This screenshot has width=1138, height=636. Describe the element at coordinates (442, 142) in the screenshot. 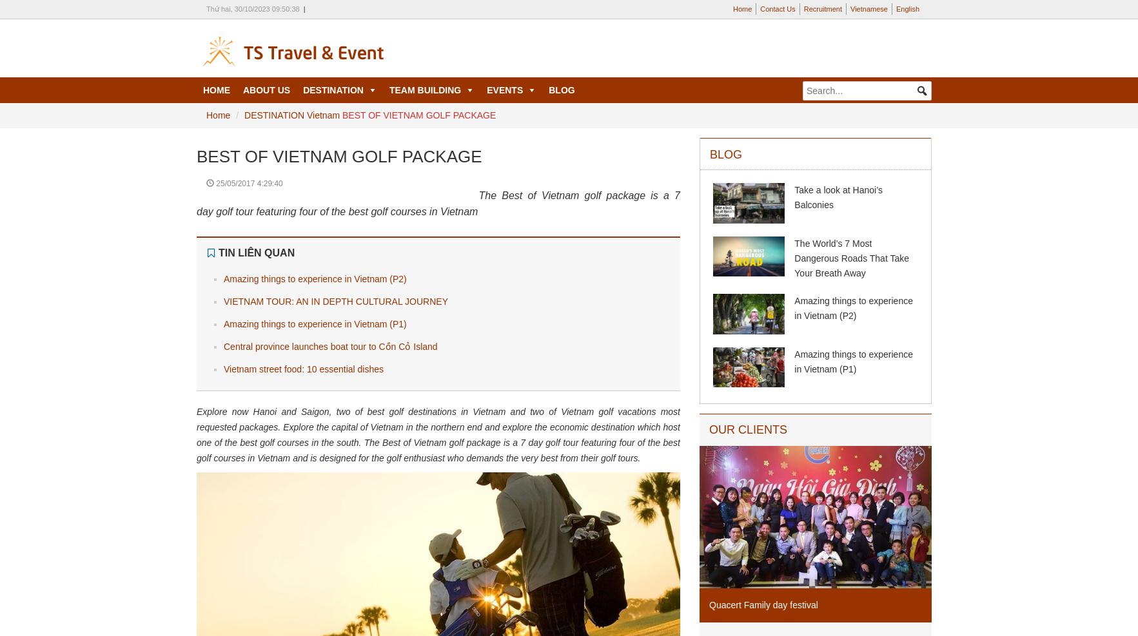

I see `'INDOOR TEAM BUILDING'` at that location.